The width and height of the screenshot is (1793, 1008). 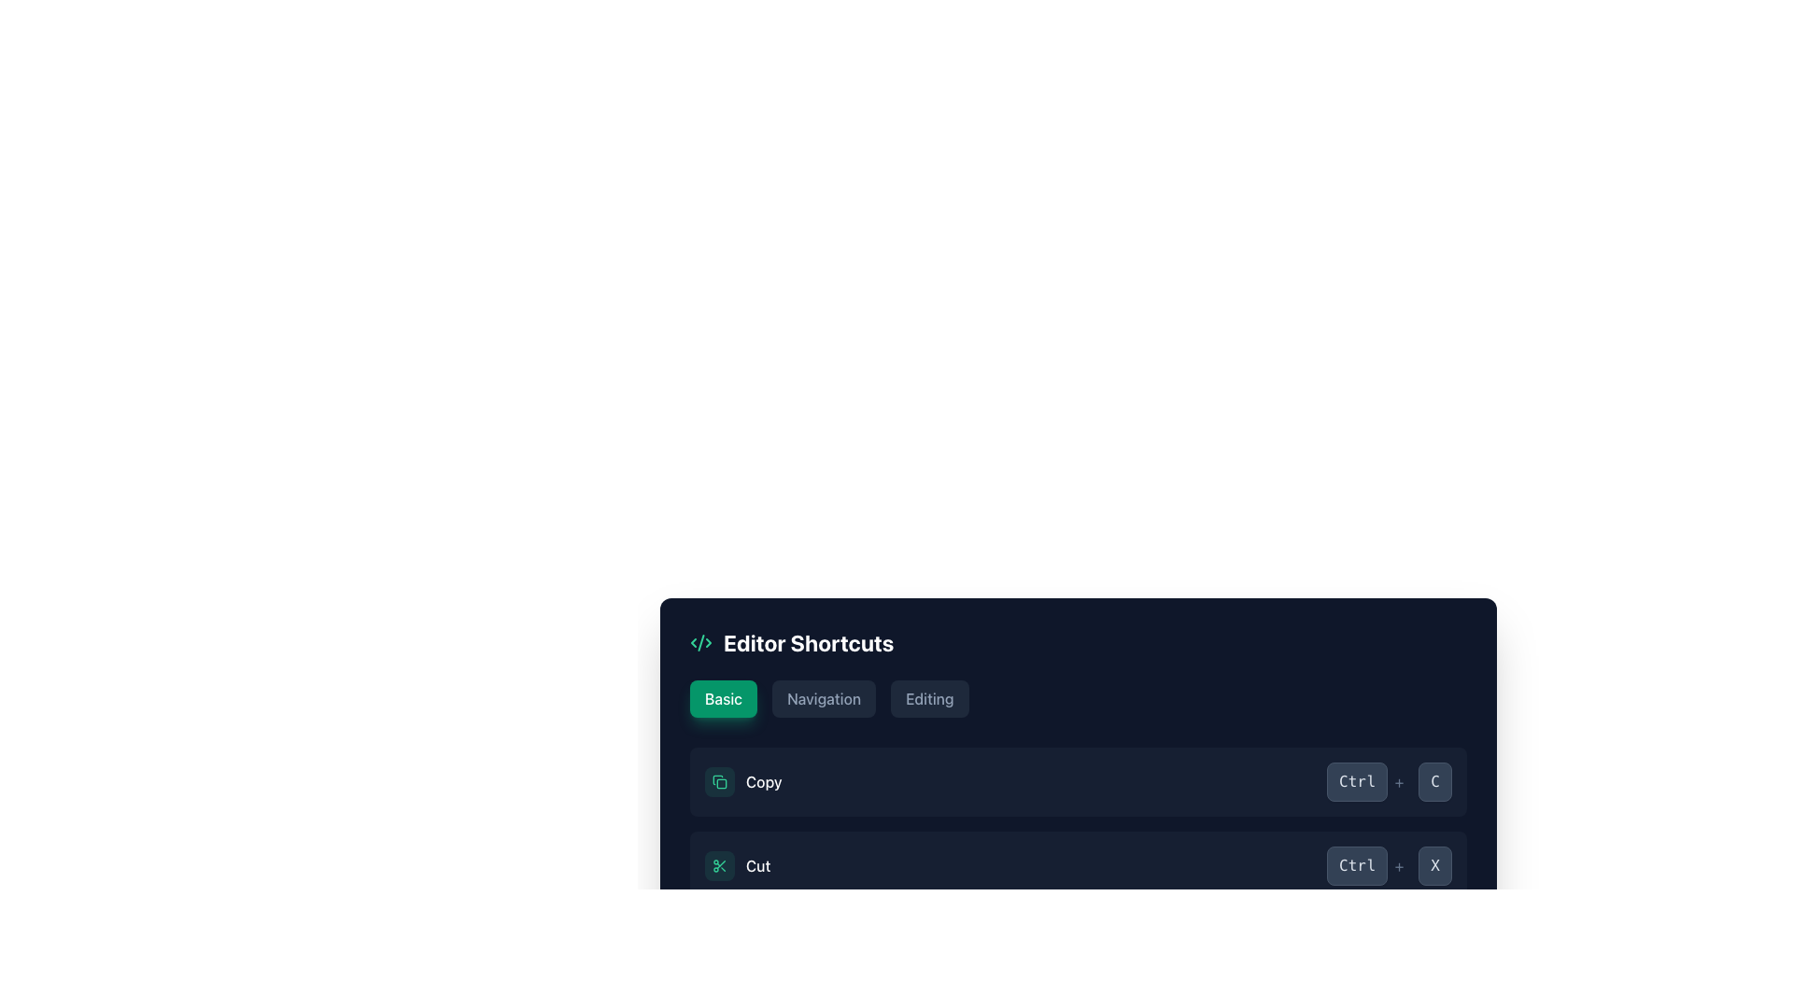 I want to click on the light green circular copy button located in the 'Editor Shortcuts' section, aligned to the left of the 'Copy' label, so click(x=719, y=781).